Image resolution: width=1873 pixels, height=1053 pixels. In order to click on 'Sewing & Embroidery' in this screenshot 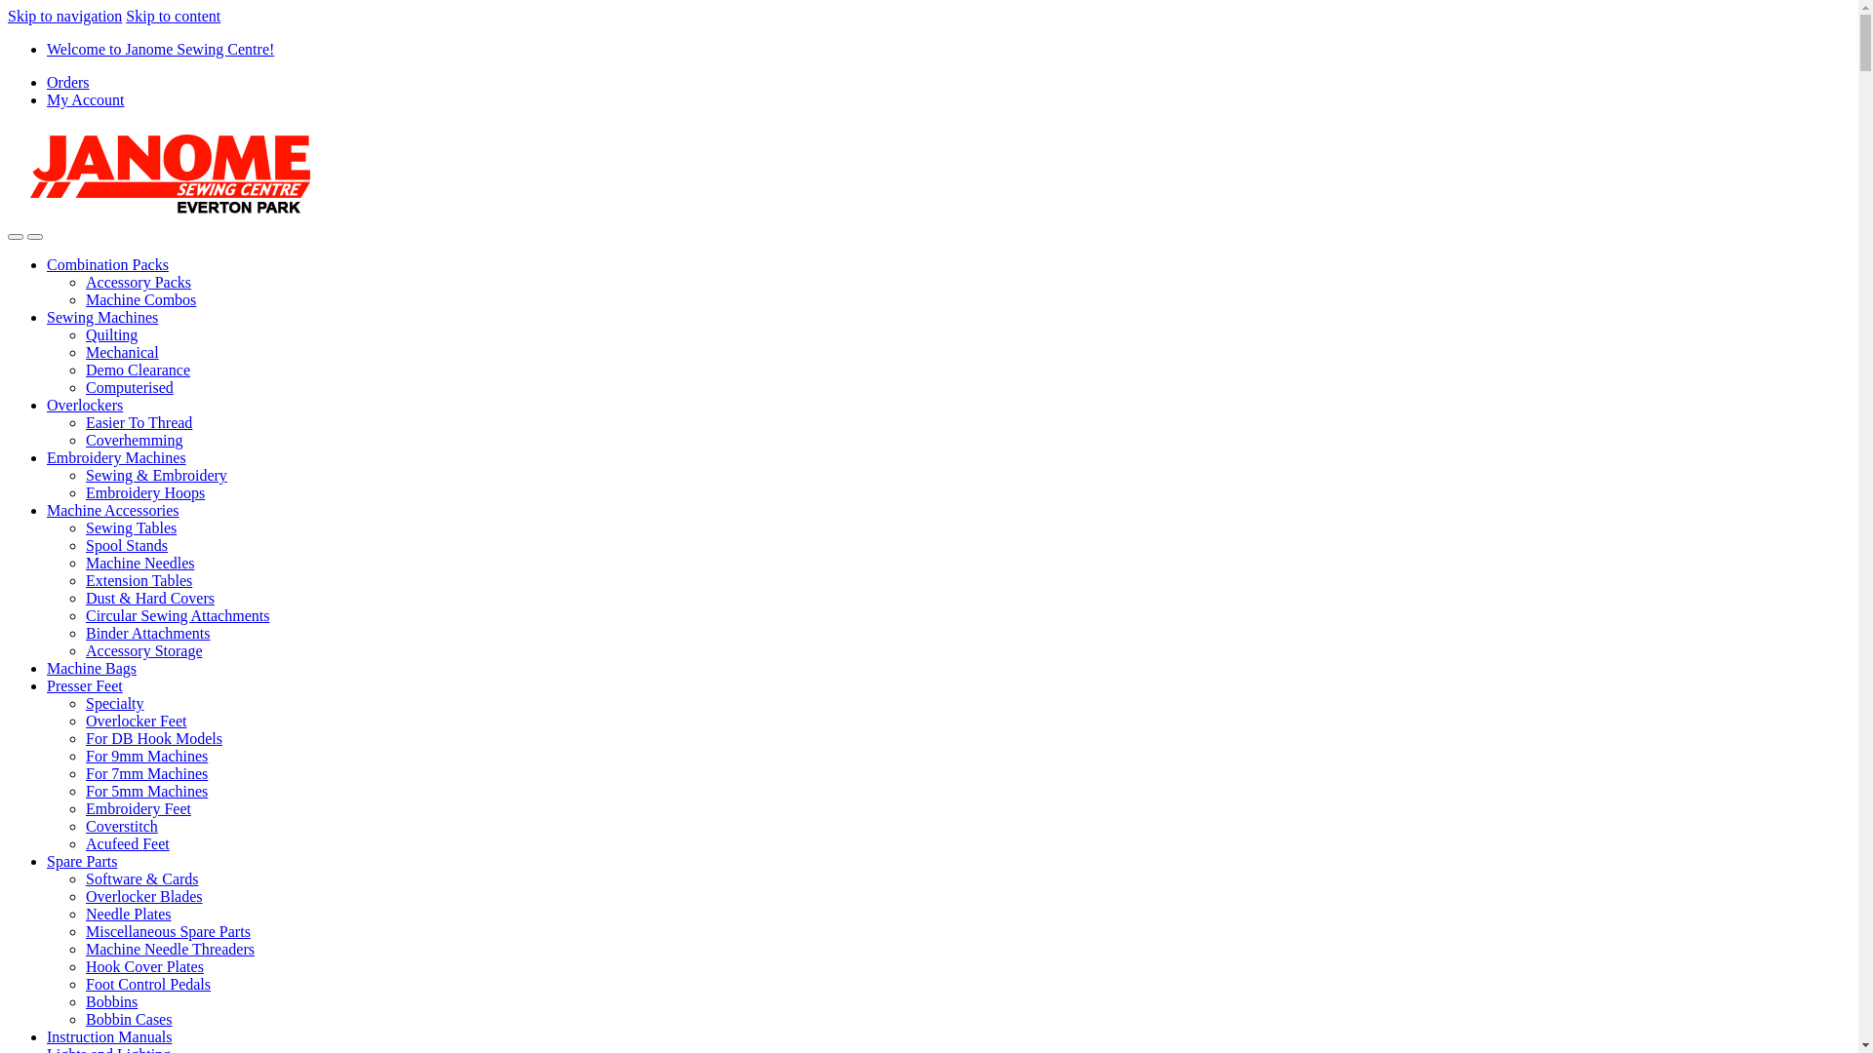, I will do `click(156, 475)`.